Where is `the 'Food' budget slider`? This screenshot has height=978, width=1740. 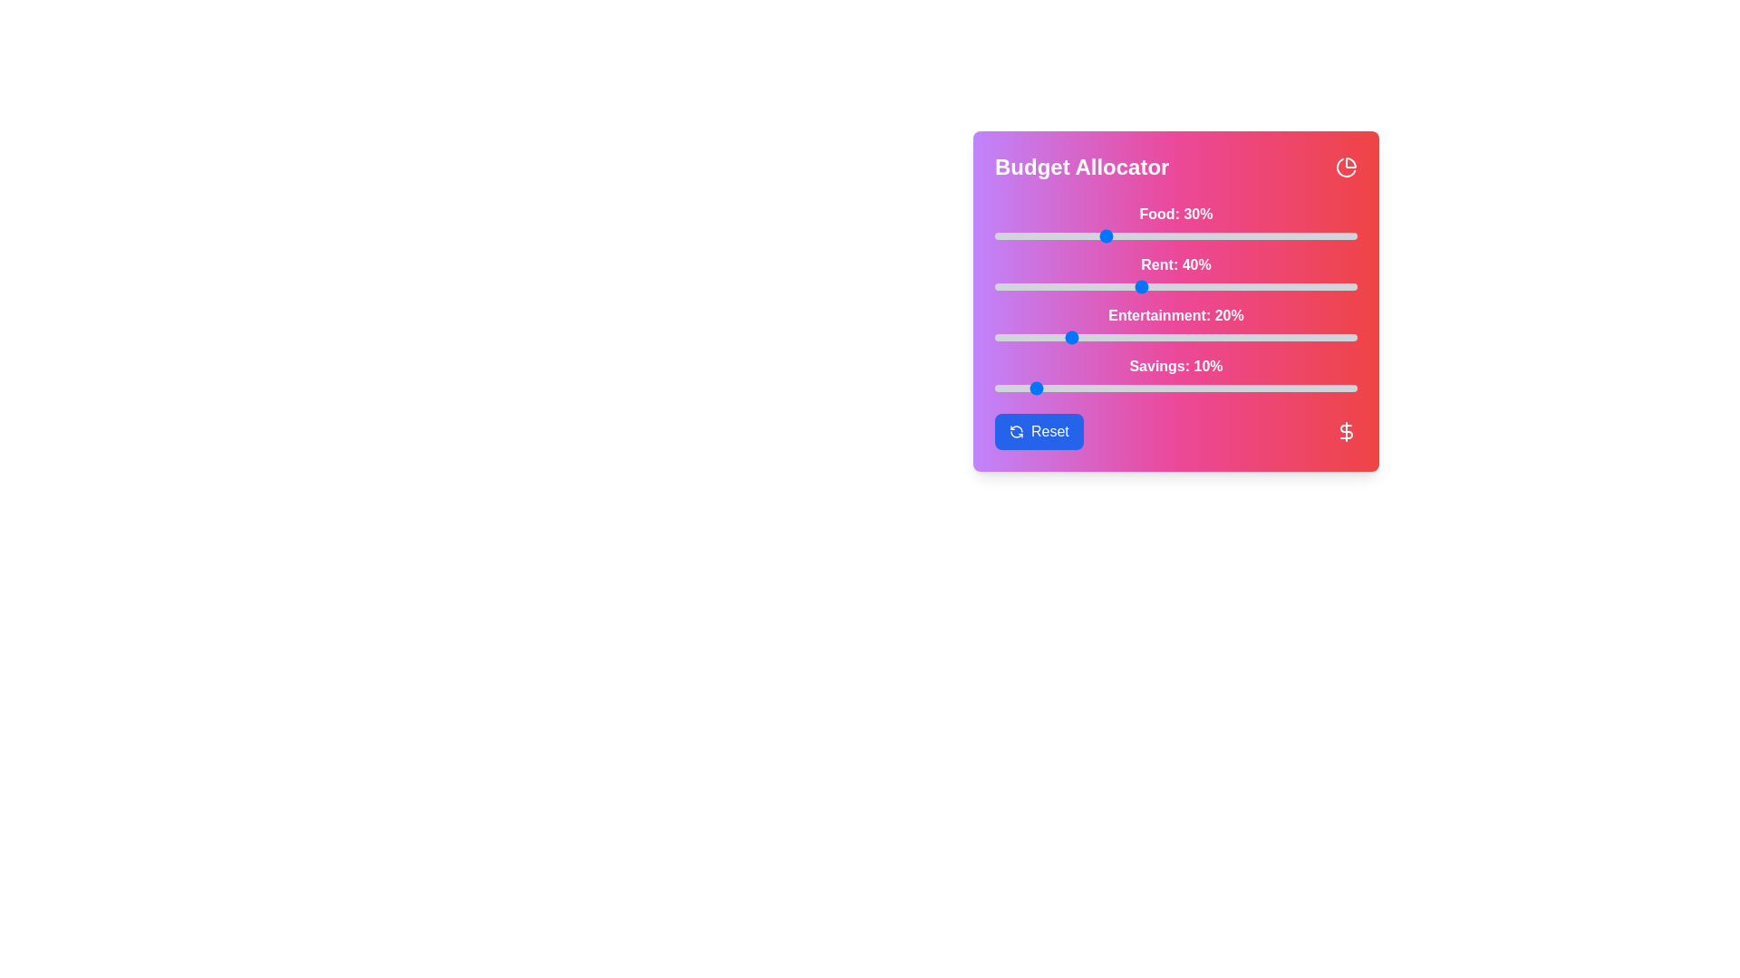 the 'Food' budget slider is located at coordinates (1052, 235).